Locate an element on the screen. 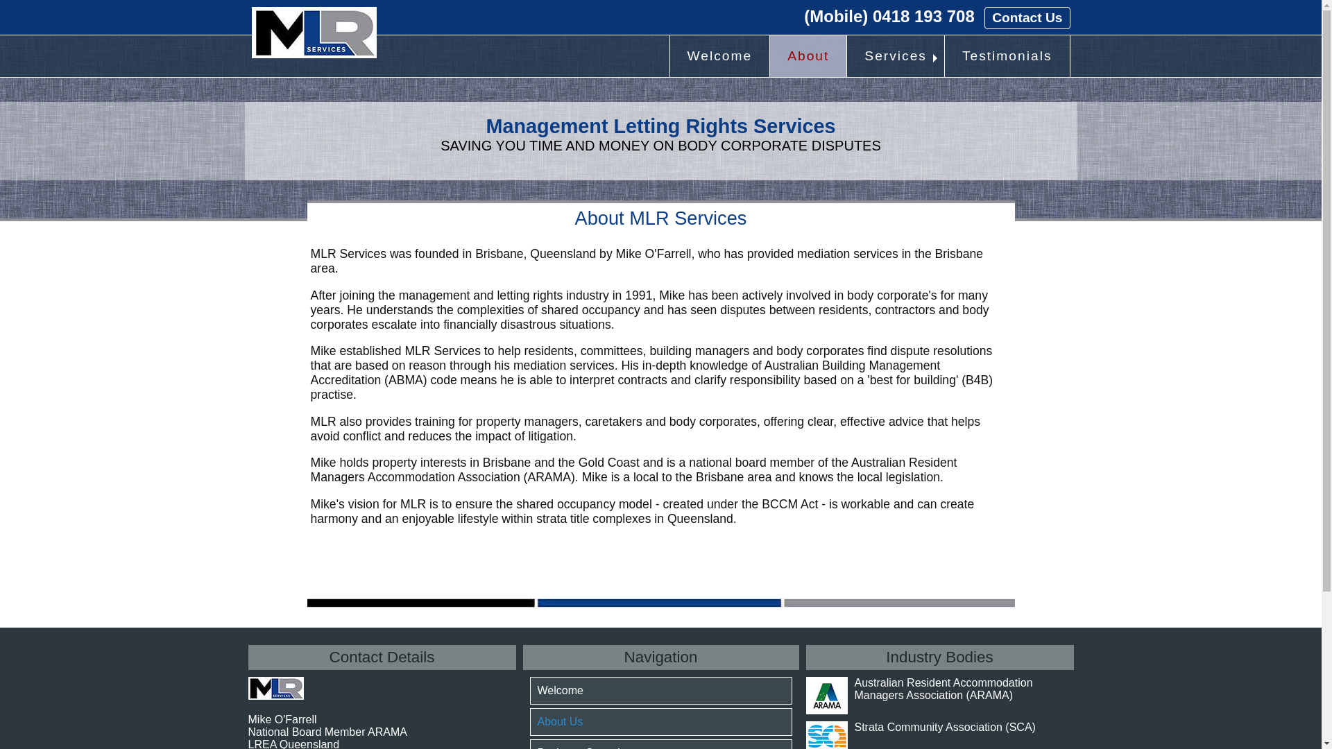  'MLRS Logo' is located at coordinates (312, 31).